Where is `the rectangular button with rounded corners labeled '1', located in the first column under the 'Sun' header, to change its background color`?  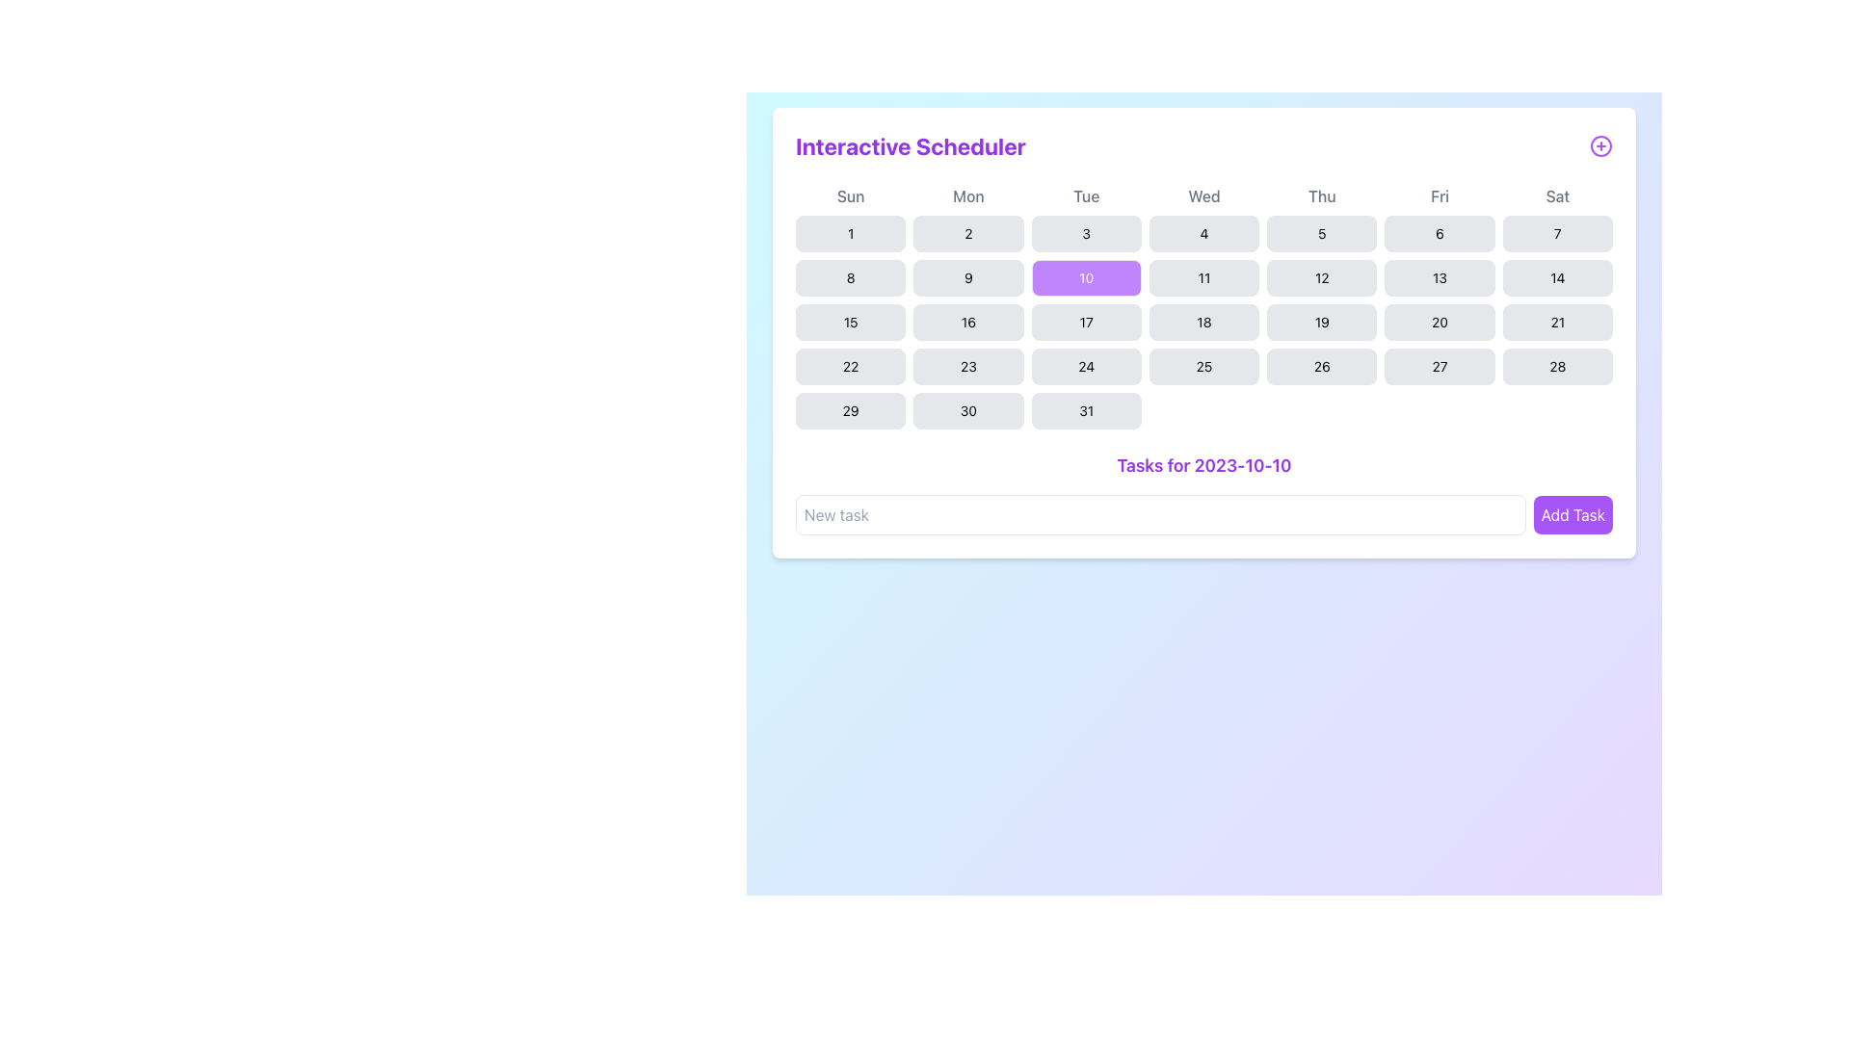
the rectangular button with rounded corners labeled '1', located in the first column under the 'Sun' header, to change its background color is located at coordinates (850, 233).